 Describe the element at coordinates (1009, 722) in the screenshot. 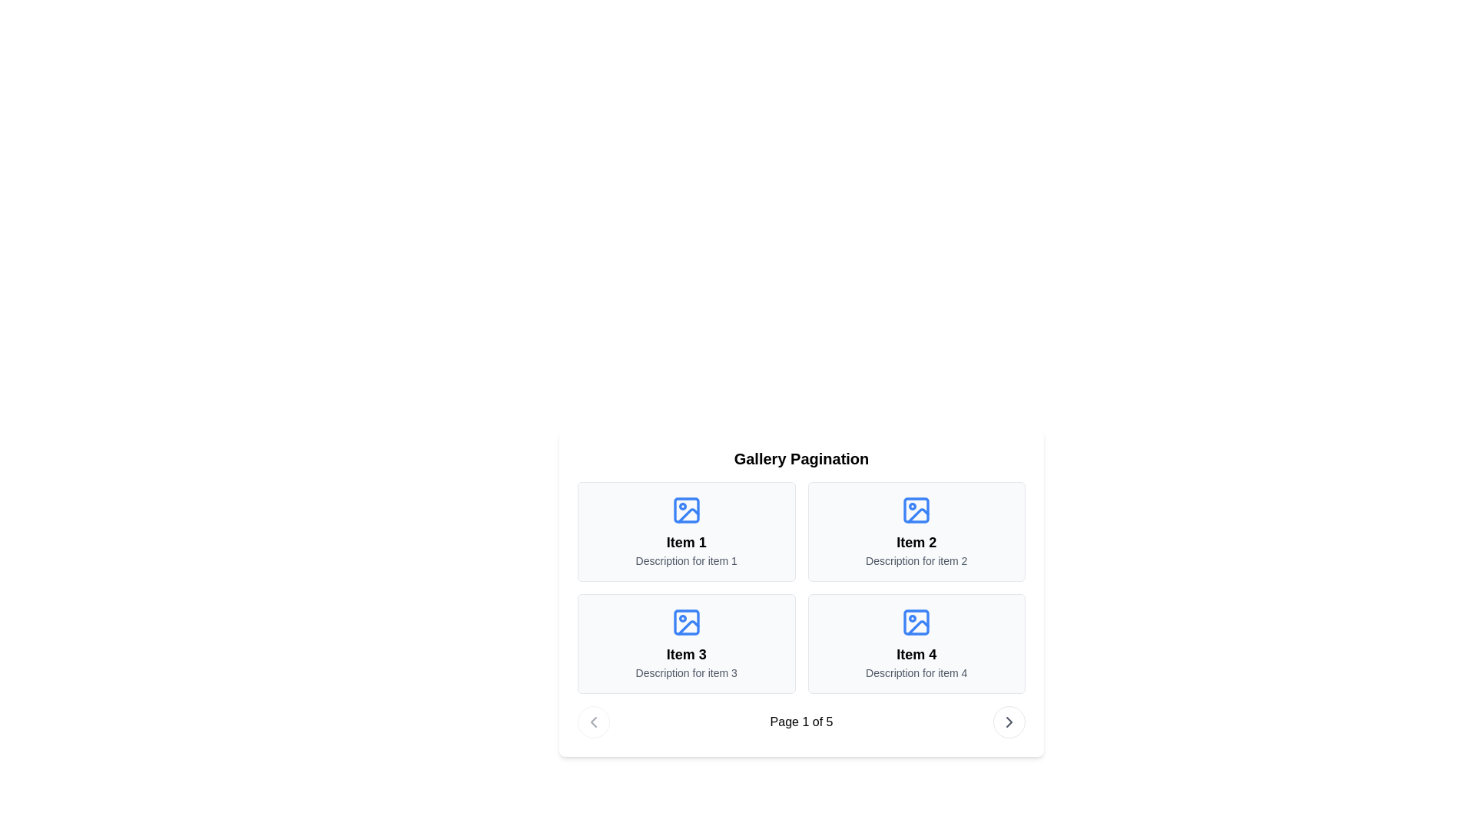

I see `the pagination button located at the bottom center of the interface` at that location.